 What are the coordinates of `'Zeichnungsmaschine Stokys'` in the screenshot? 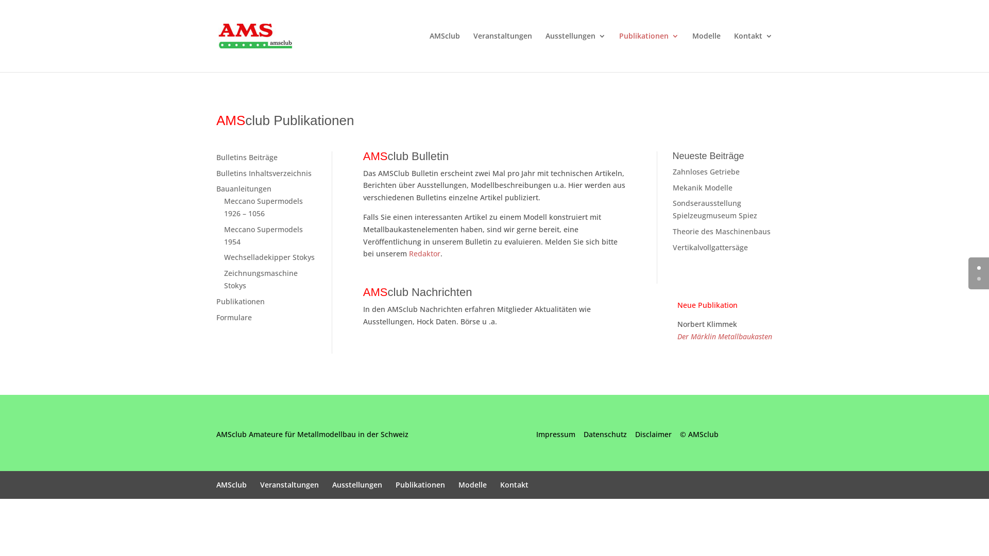 It's located at (261, 279).